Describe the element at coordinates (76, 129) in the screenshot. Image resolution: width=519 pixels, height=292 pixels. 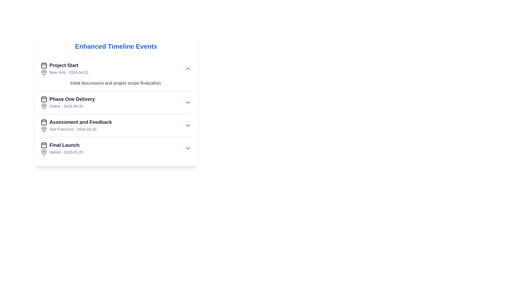
I see `text label displaying 'San Francisco - 2024-10-10' located under the title 'Assessment and Feedback' in the third row of the list` at that location.